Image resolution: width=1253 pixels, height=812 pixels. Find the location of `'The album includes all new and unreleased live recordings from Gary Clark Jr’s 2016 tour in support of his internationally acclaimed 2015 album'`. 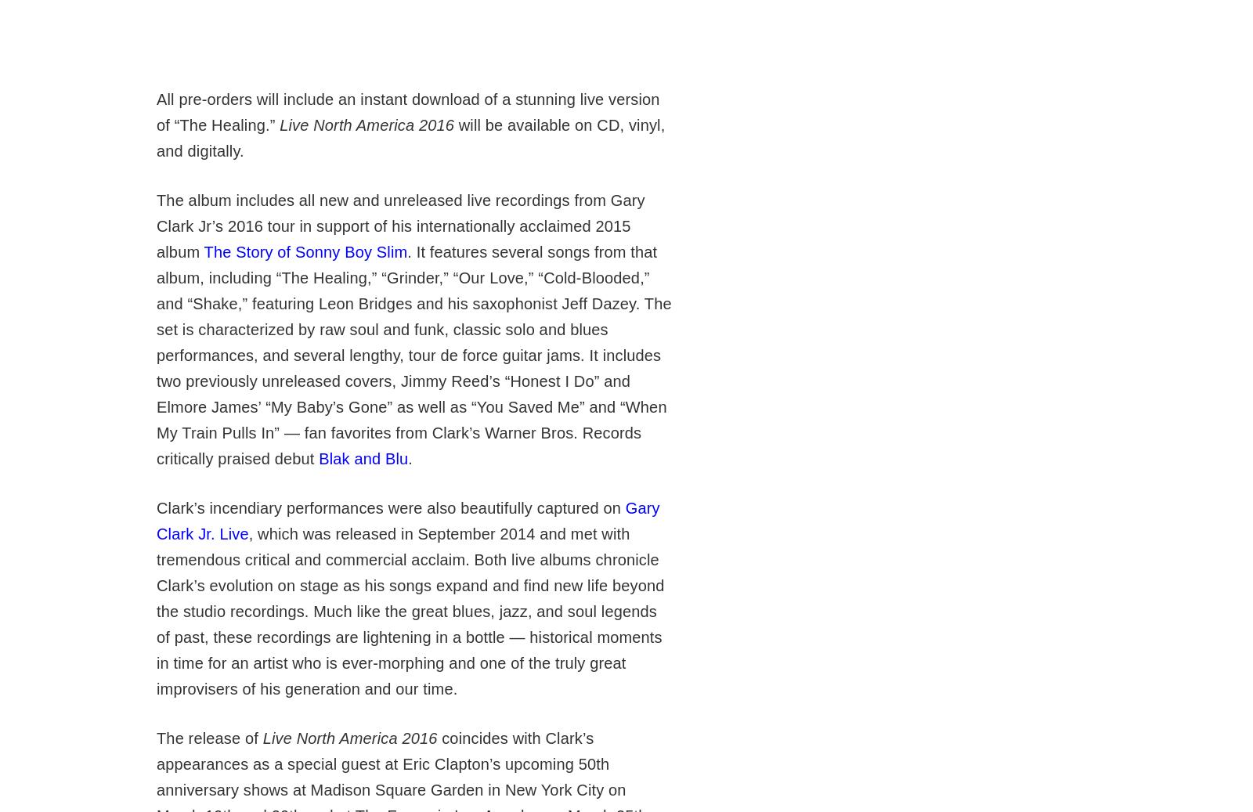

'The album includes all new and unreleased live recordings from Gary Clark Jr’s 2016 tour in support of his internationally acclaimed 2015 album' is located at coordinates (399, 226).